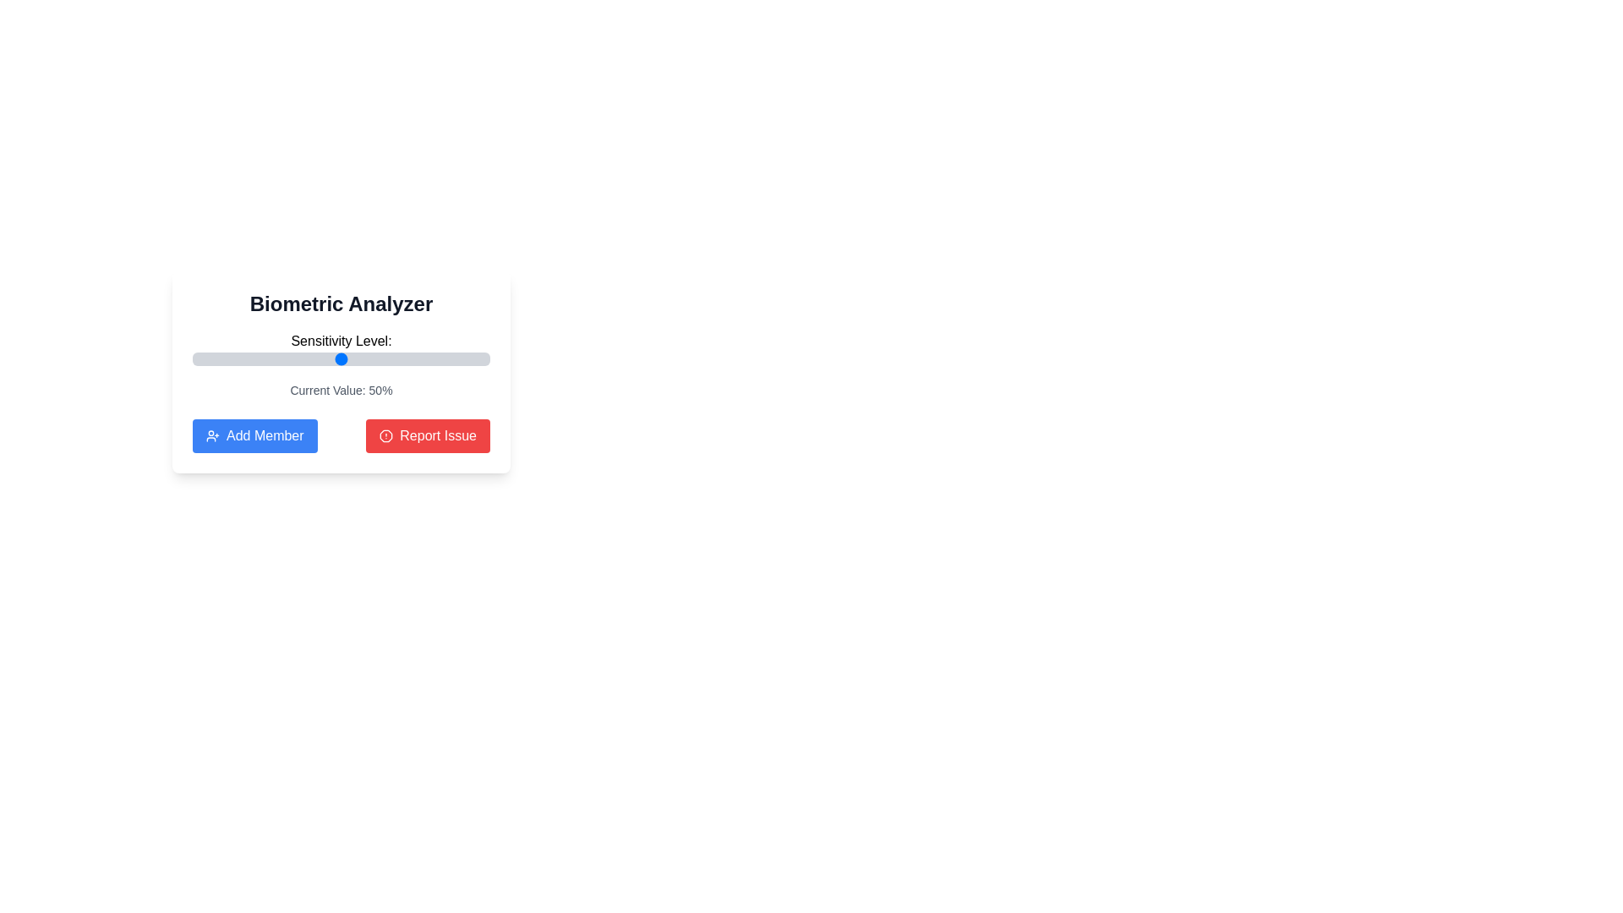 The width and height of the screenshot is (1623, 913). What do you see at coordinates (326, 358) in the screenshot?
I see `the sensitivity level` at bounding box center [326, 358].